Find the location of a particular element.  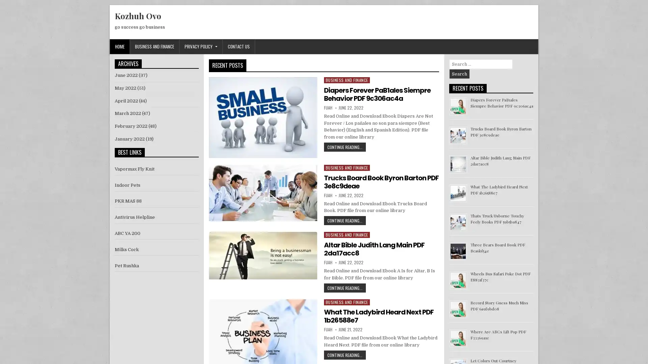

Search is located at coordinates (459, 74).